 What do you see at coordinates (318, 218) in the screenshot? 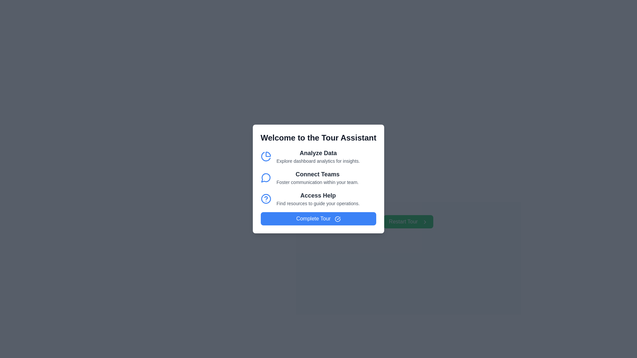
I see `the 'Complete Tour' button, which is a horizontally elongated button with rounded corners and a vivid blue background, featuring white text and a circular checkmark icon` at bounding box center [318, 218].